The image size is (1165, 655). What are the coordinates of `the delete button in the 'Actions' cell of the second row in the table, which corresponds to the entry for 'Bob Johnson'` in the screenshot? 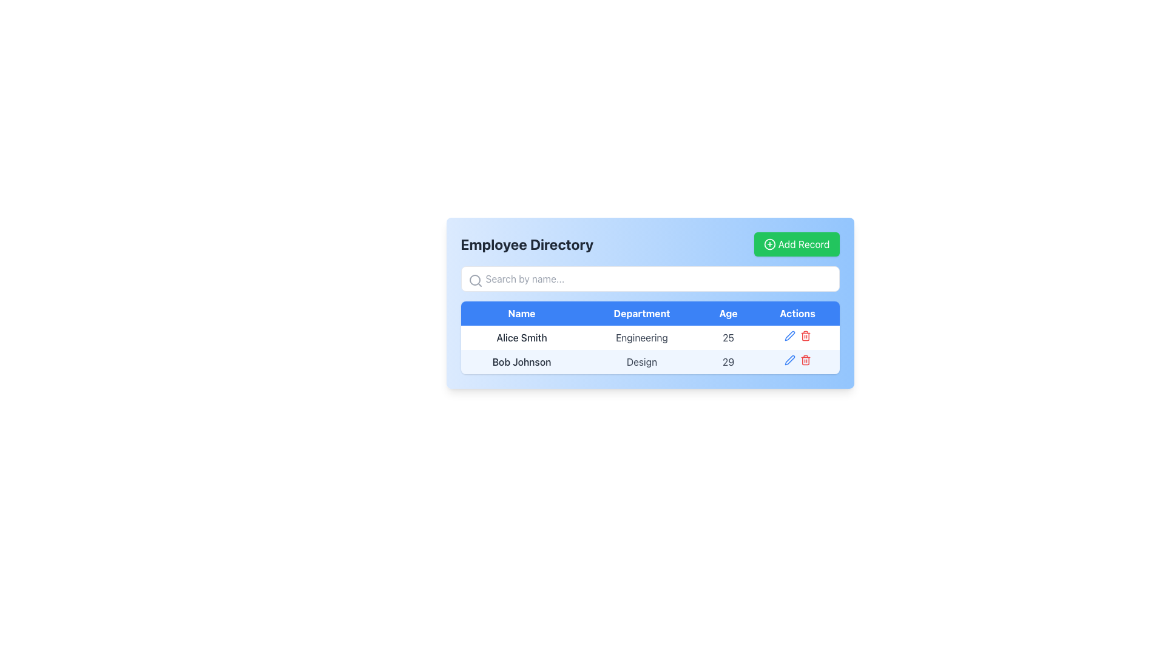 It's located at (805, 336).